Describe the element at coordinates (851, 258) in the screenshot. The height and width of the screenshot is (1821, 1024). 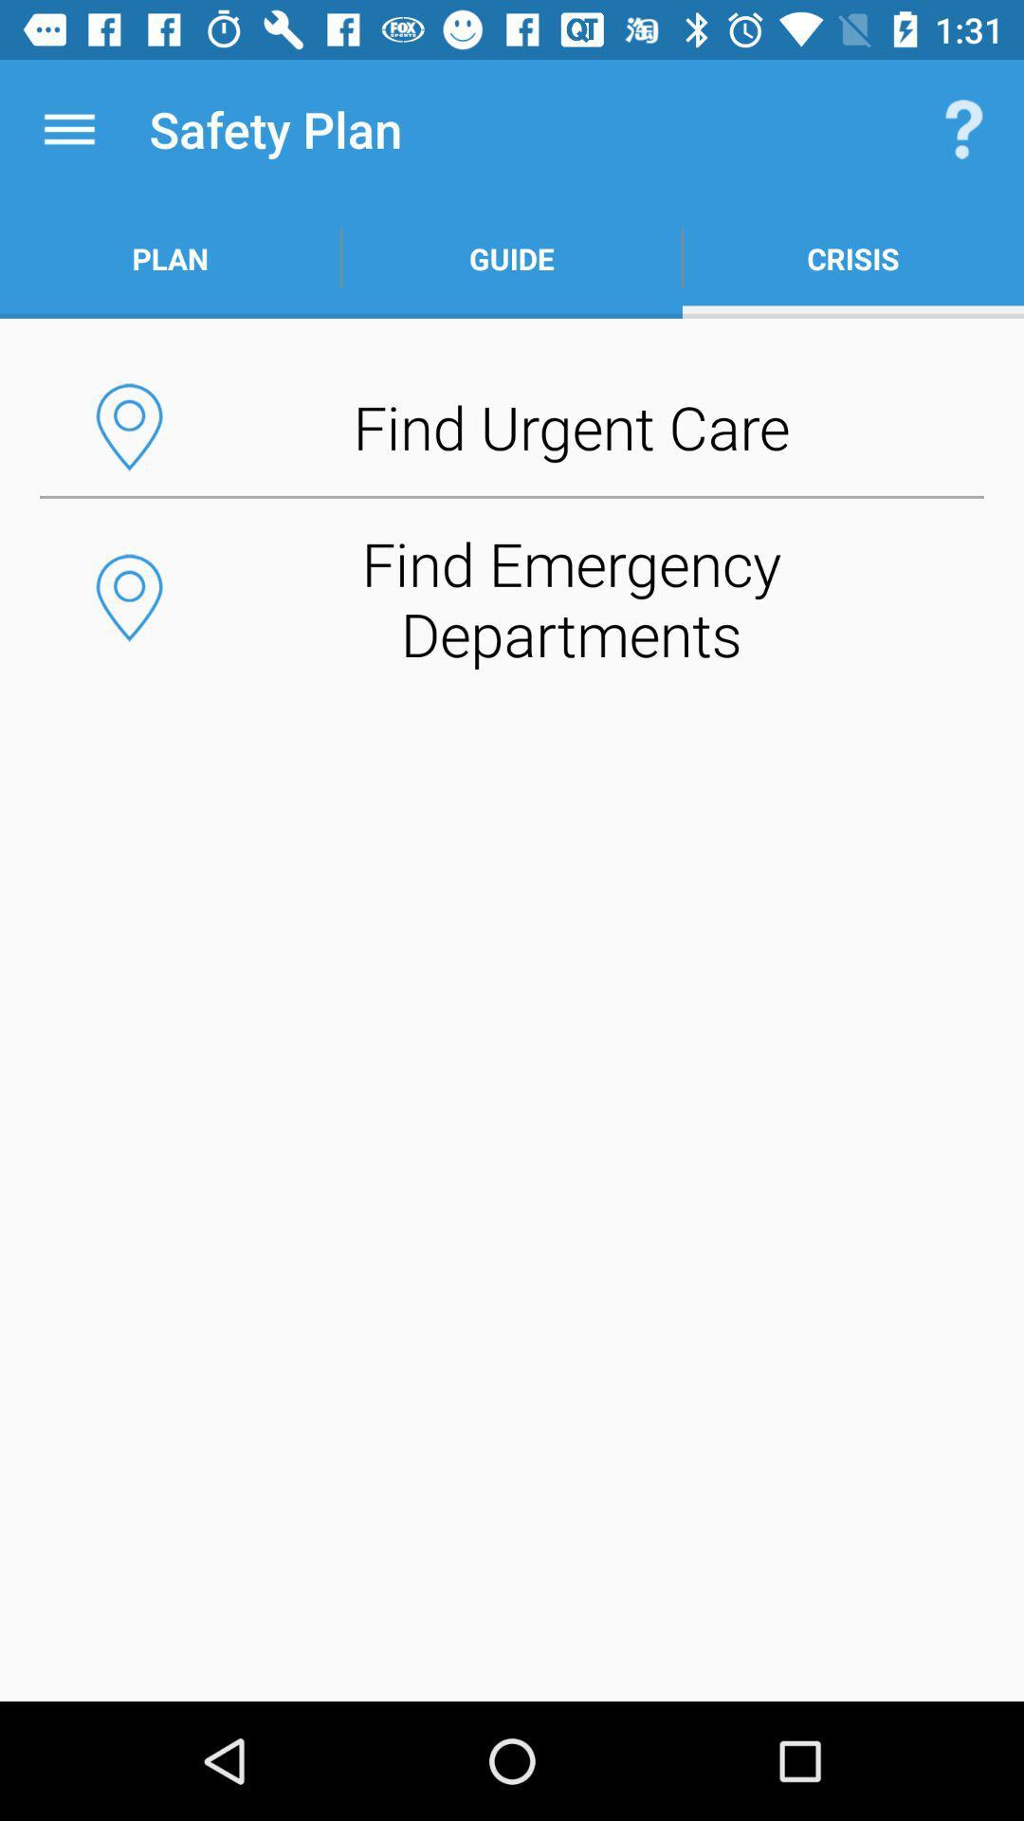
I see `the item to the right of the guide` at that location.